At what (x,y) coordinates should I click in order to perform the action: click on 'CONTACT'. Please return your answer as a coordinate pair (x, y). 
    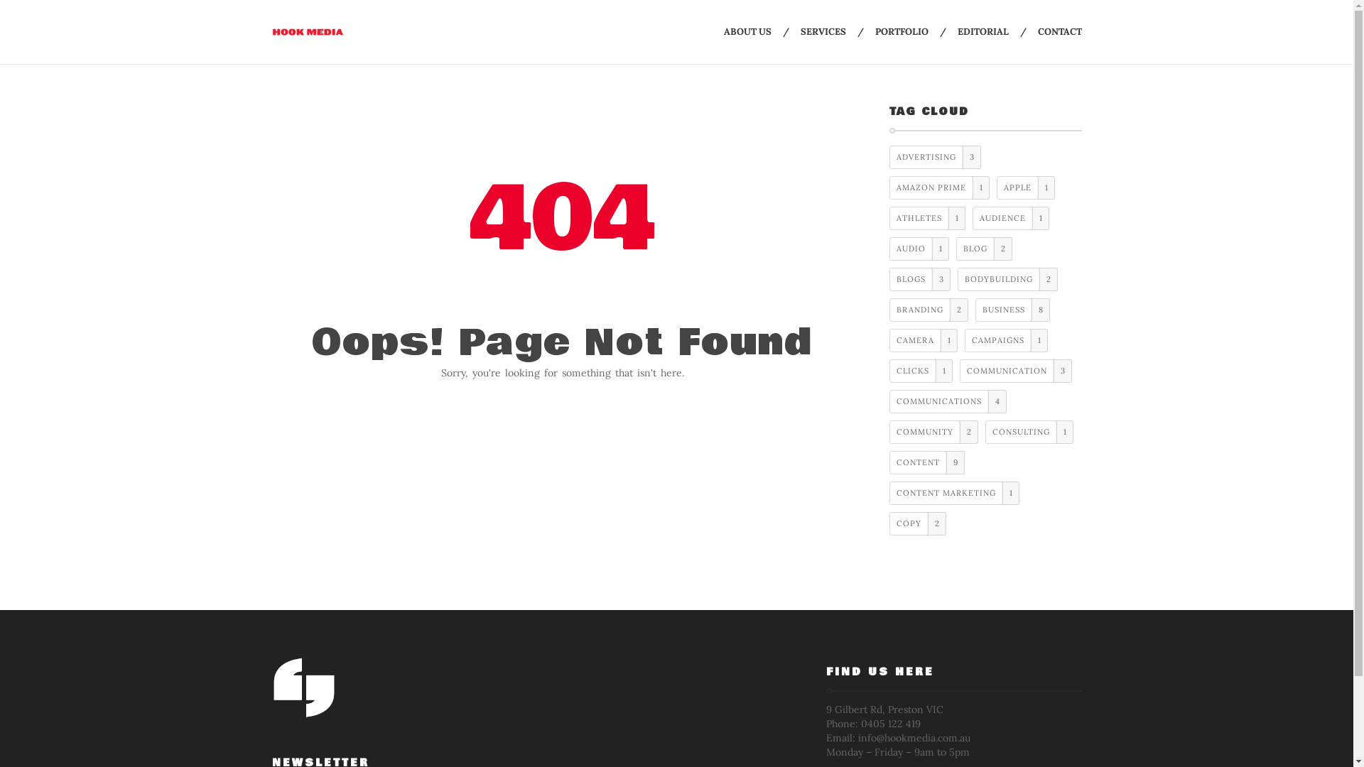
    Looking at the image, I should click on (1059, 32).